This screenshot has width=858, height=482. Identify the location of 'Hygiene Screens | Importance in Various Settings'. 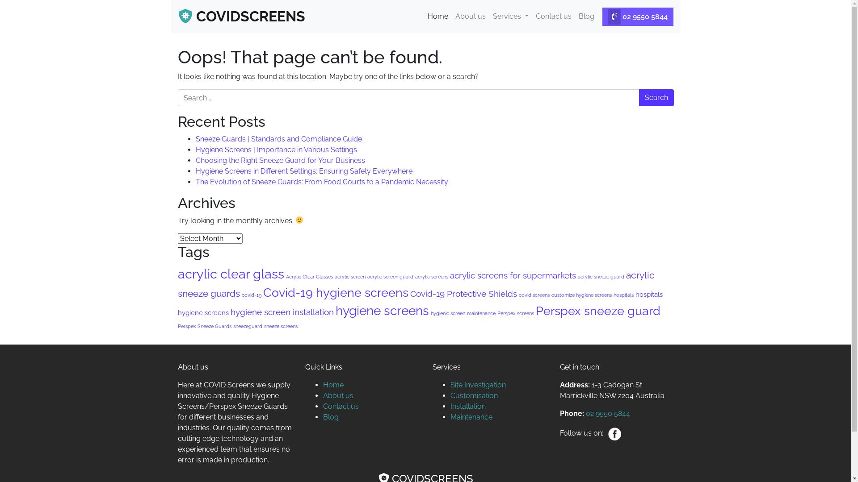
(276, 149).